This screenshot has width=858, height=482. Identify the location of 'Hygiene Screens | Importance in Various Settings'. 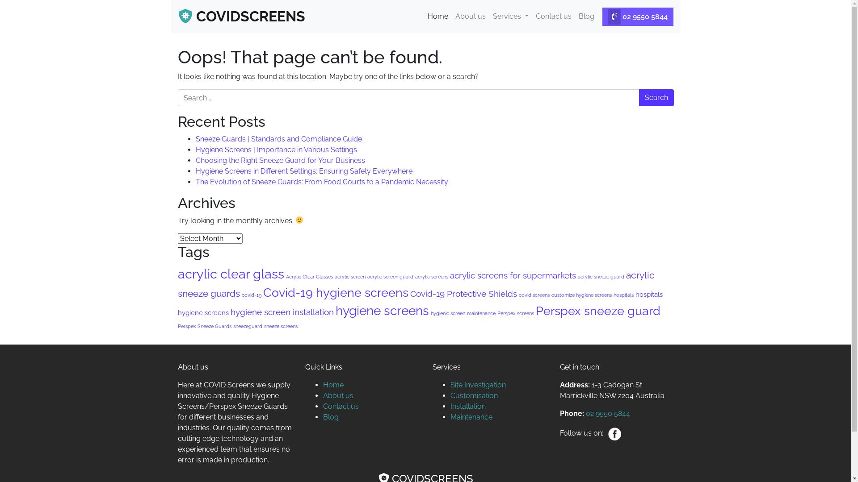
(276, 149).